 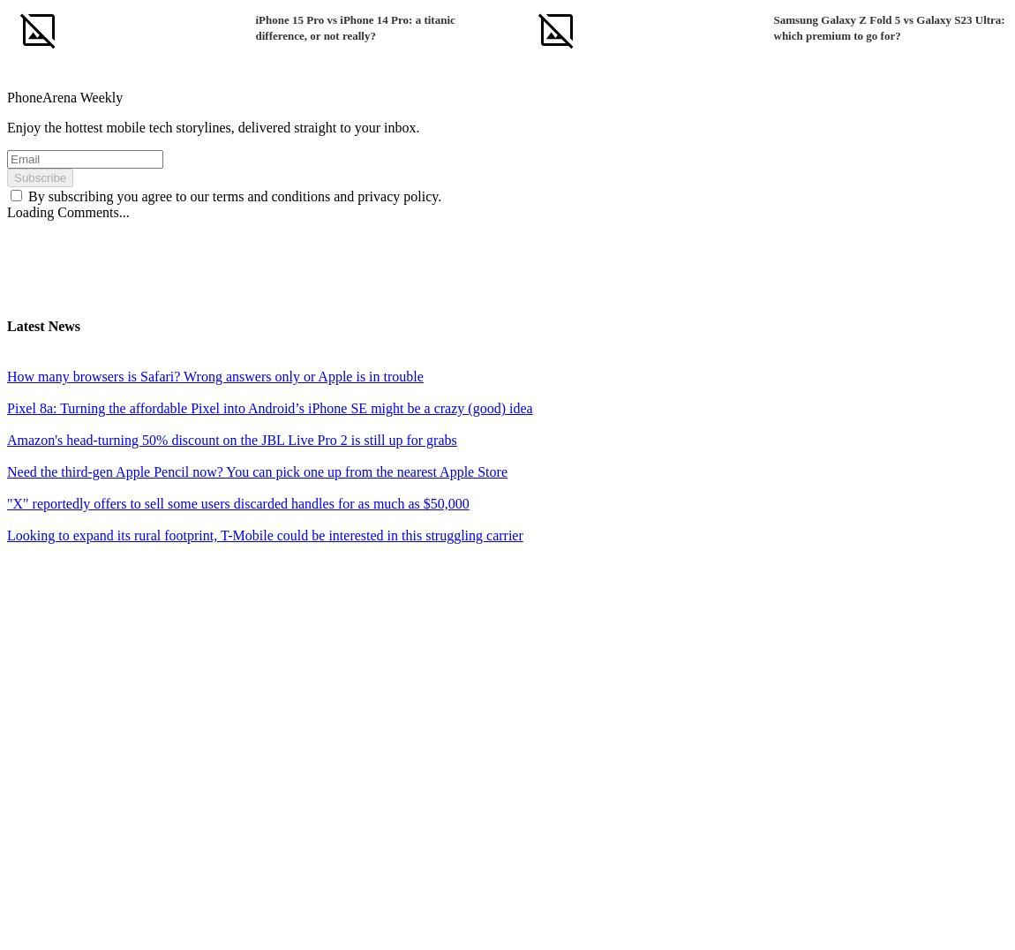 I want to click on 'Latest News', so click(x=42, y=324).